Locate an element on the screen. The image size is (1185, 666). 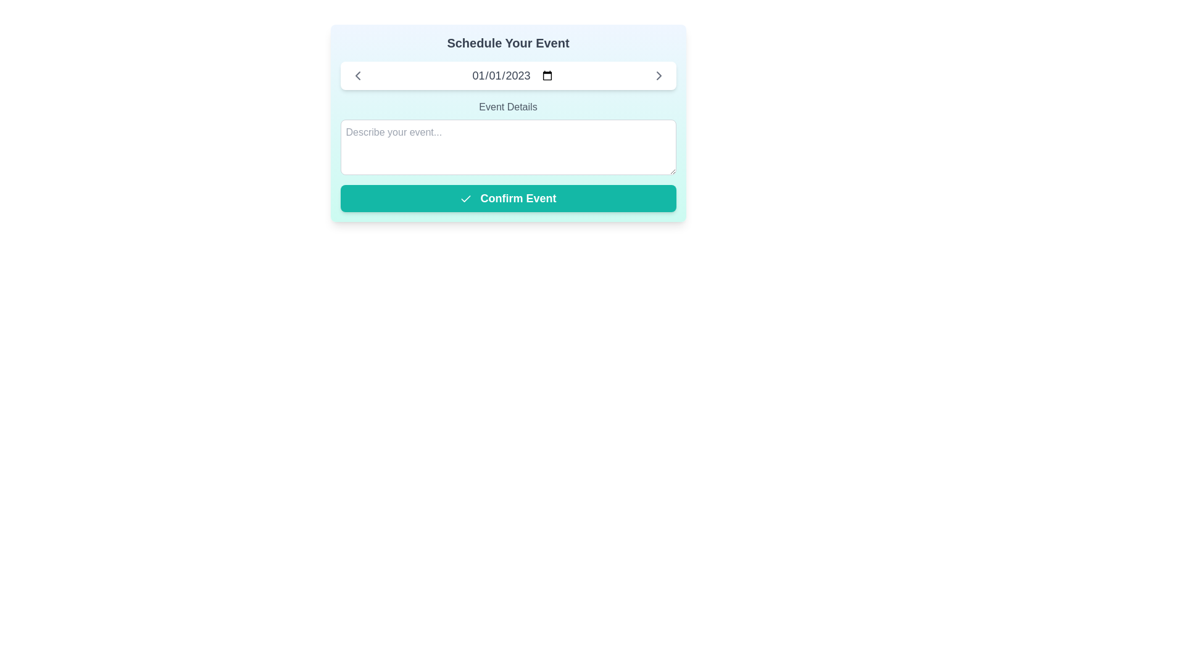
the Text Area labeled 'Event Details' to enable user input for event details is located at coordinates (508, 138).